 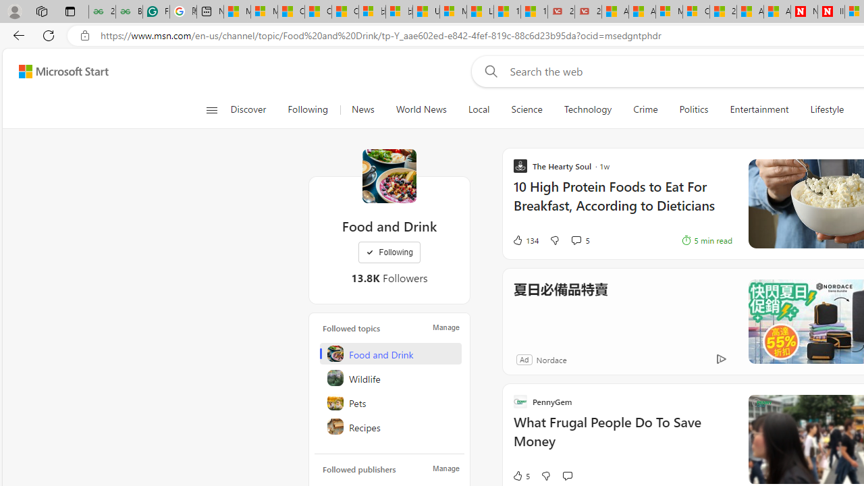 I want to click on 'World News', so click(x=421, y=109).